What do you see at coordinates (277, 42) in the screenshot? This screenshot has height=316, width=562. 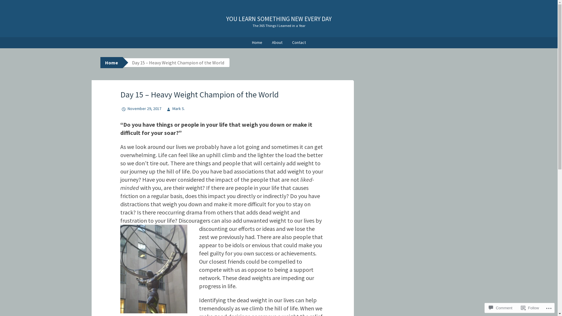 I see `'About'` at bounding box center [277, 42].